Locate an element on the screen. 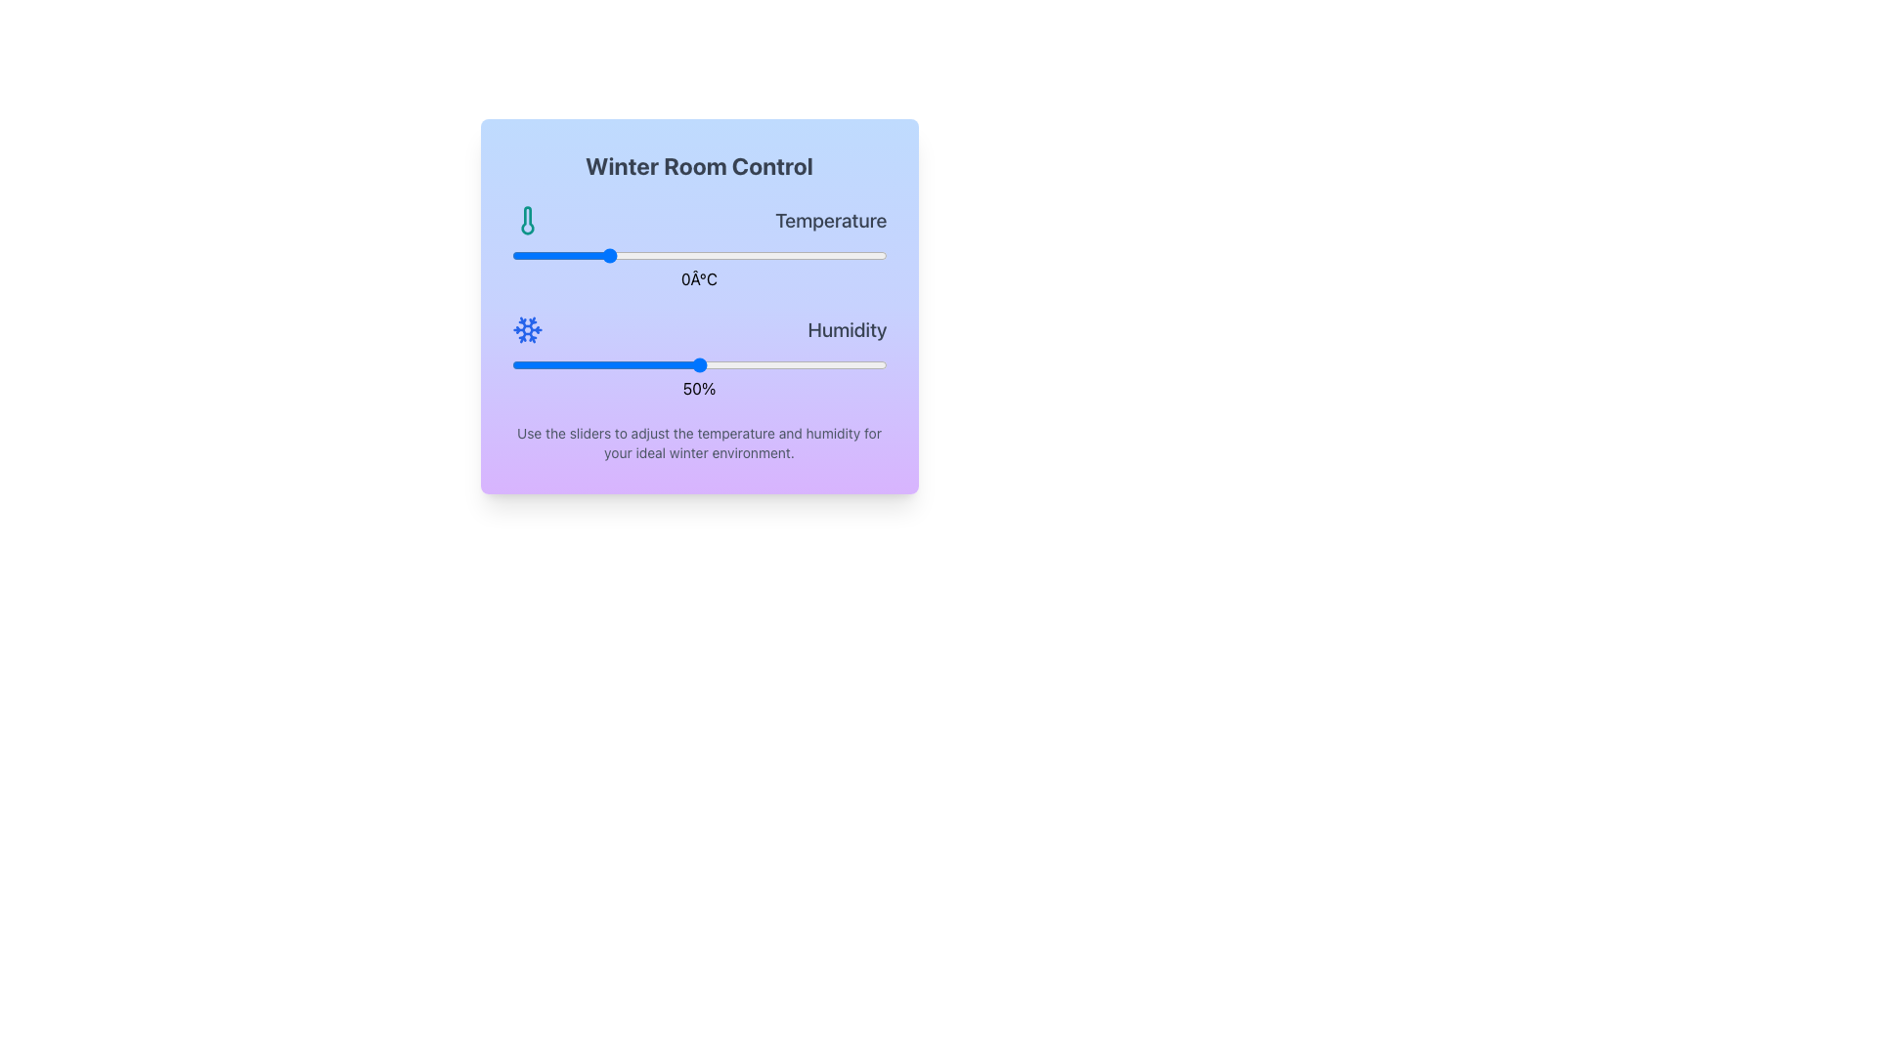 The image size is (1877, 1055). humidity level is located at coordinates (623, 365).